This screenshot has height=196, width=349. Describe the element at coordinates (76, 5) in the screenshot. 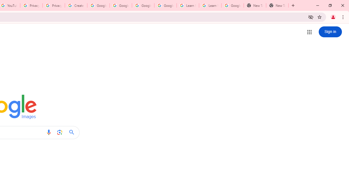

I see `'Create your Google Account'` at that location.